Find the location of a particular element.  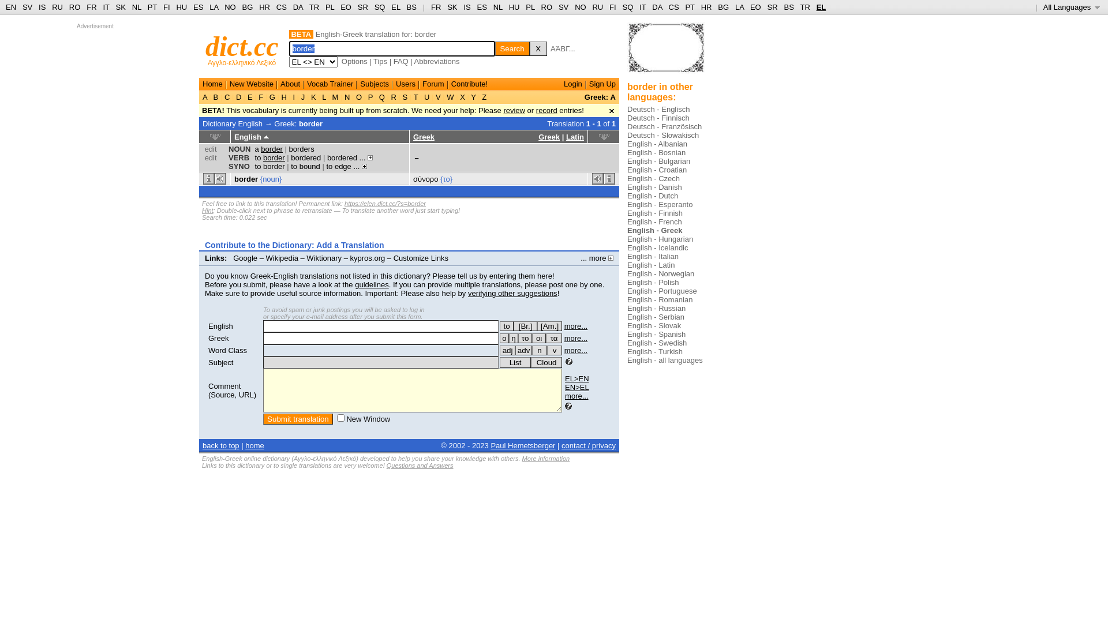

'IT' is located at coordinates (642, 7).